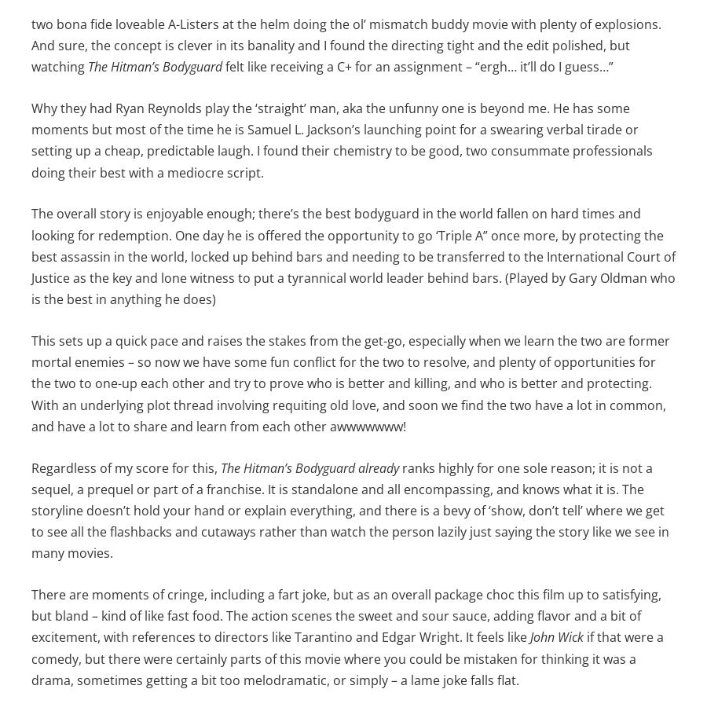  I want to click on 'This sets up a quick pace and raises the stakes from the get-go, especially when we learn the two are former mortal enemies – so now we have some fun conflict for the two to resolve, and plenty of opportunities for the two to one-up each other and try to prove who is better and killing, and who is better and protecting. With an underlying plot thread involving requiting old love, and soon we find the two have a lot in common, and have a lot to share and learn from each other awwwwwww!', so click(30, 383).